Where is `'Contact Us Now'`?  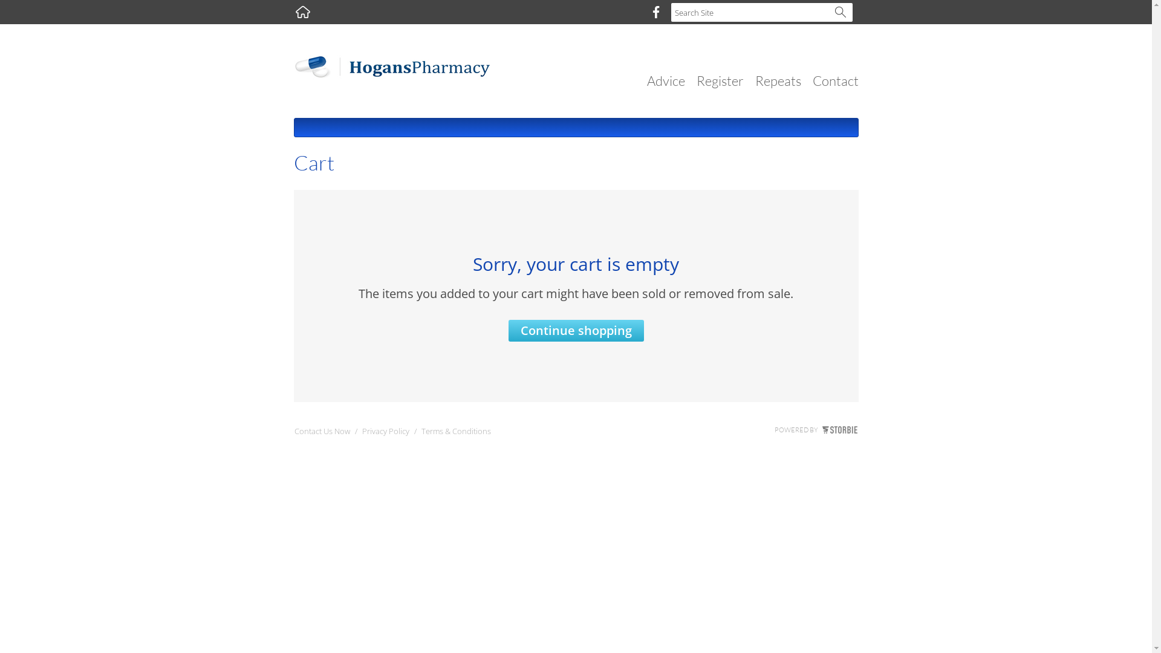 'Contact Us Now' is located at coordinates (322, 433).